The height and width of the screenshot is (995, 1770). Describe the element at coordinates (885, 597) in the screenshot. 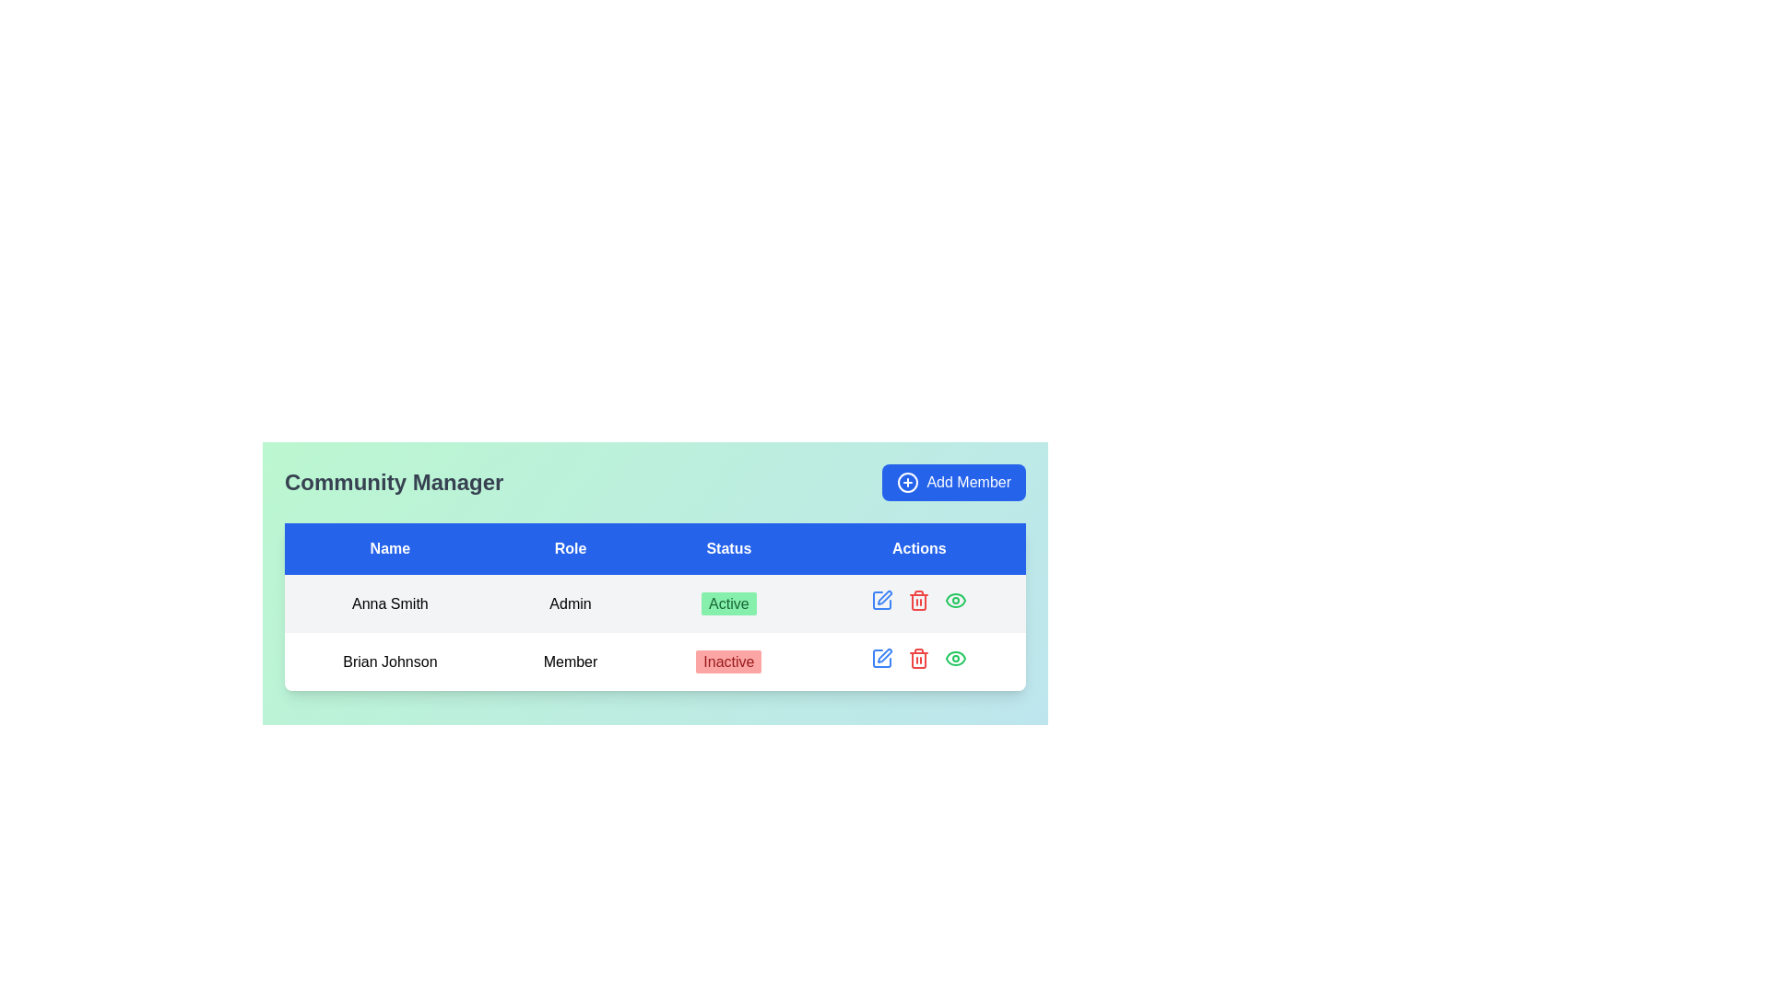

I see `the edit icon located in the 'Actions' column of the second row for 'Brian Johnson' to initiate editing` at that location.